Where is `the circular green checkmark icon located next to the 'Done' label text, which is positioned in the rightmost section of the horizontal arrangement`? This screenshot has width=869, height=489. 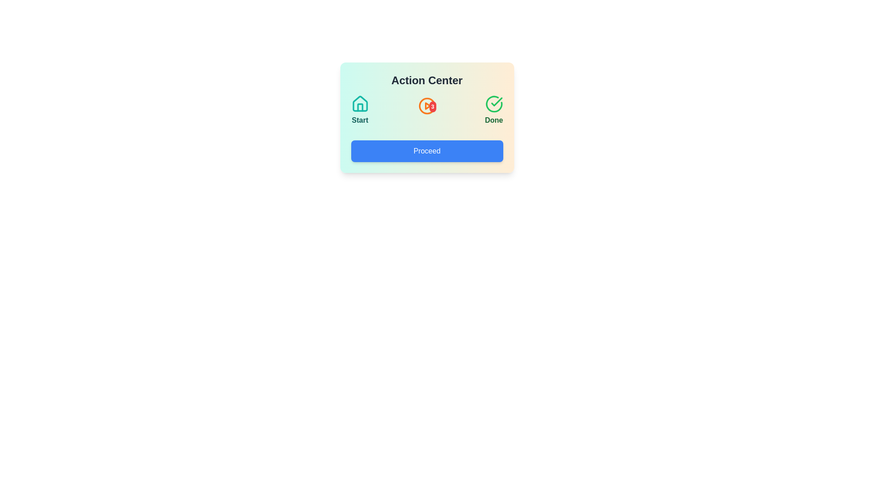 the circular green checkmark icon located next to the 'Done' label text, which is positioned in the rightmost section of the horizontal arrangement is located at coordinates (493, 104).